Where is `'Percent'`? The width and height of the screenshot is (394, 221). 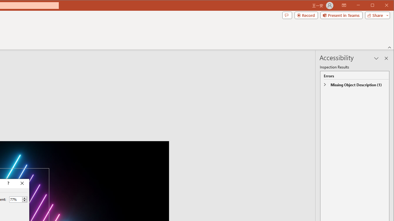 'Percent' is located at coordinates (18, 200).